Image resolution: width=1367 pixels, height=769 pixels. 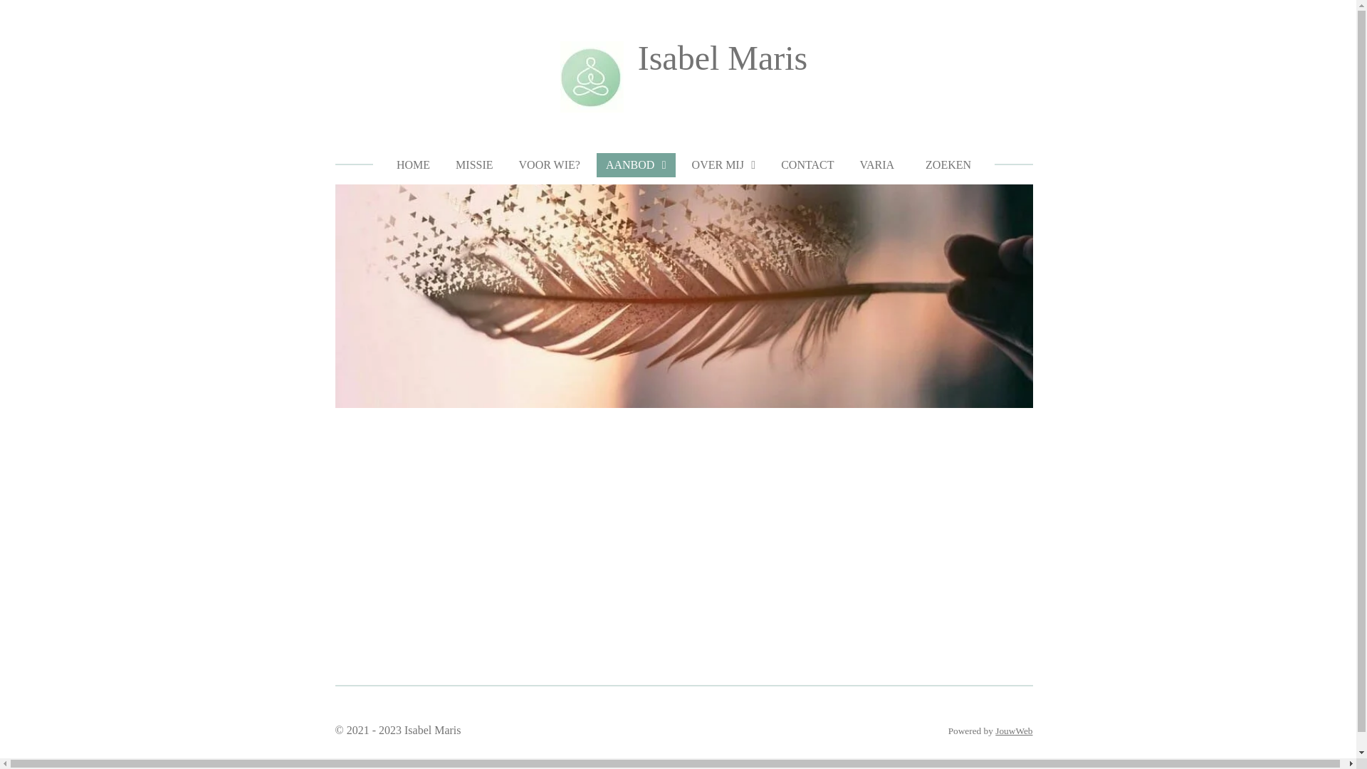 What do you see at coordinates (946, 164) in the screenshot?
I see `'ZOEKEN'` at bounding box center [946, 164].